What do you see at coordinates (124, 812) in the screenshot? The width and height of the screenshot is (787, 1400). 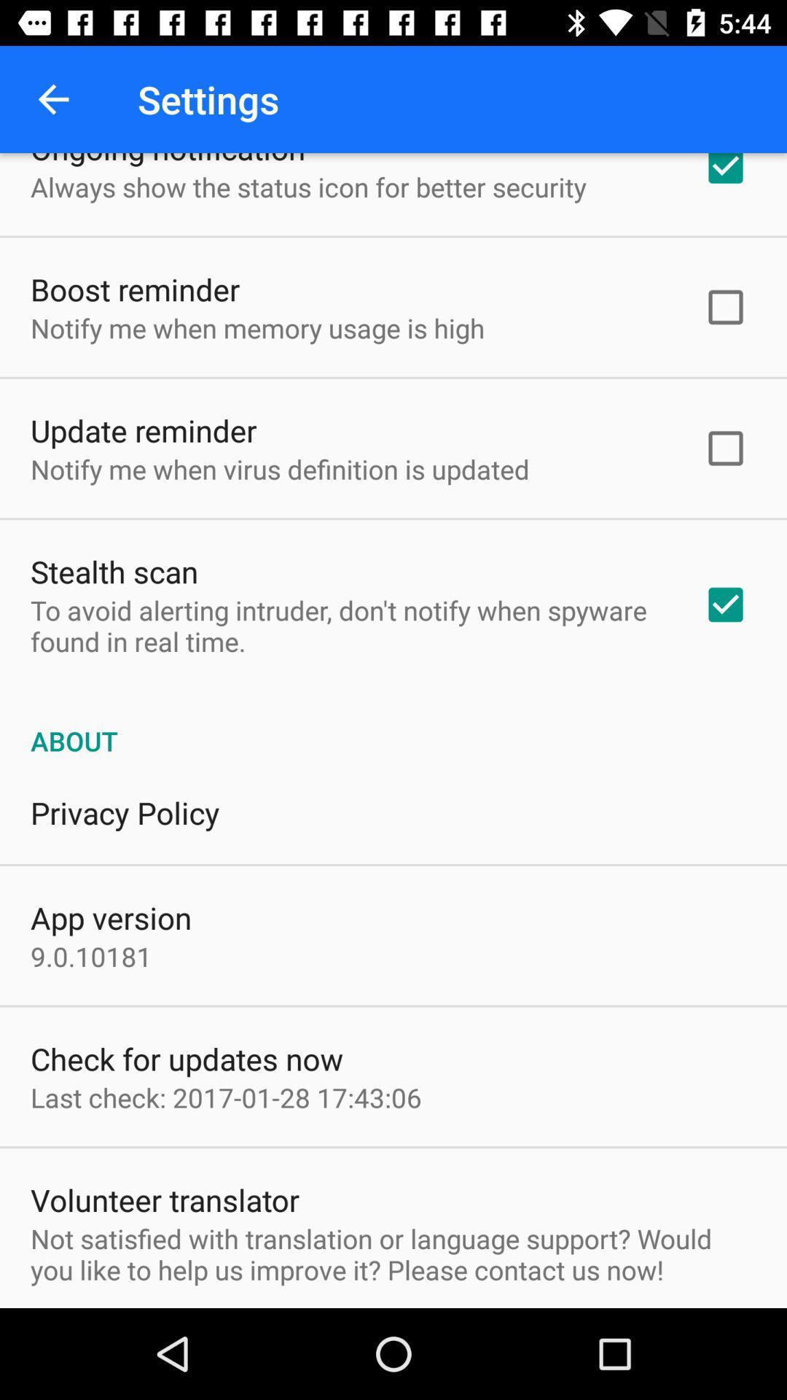 I see `item below the about` at bounding box center [124, 812].